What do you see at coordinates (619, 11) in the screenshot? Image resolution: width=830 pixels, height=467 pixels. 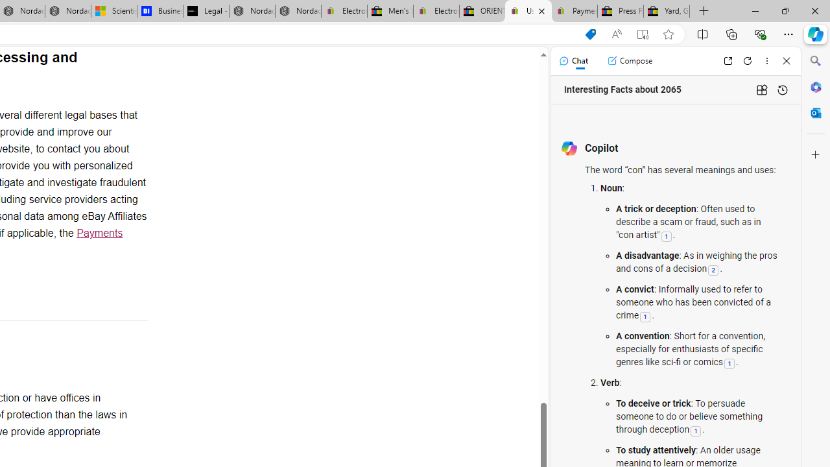 I see `'Press Room - eBay Inc.'` at bounding box center [619, 11].